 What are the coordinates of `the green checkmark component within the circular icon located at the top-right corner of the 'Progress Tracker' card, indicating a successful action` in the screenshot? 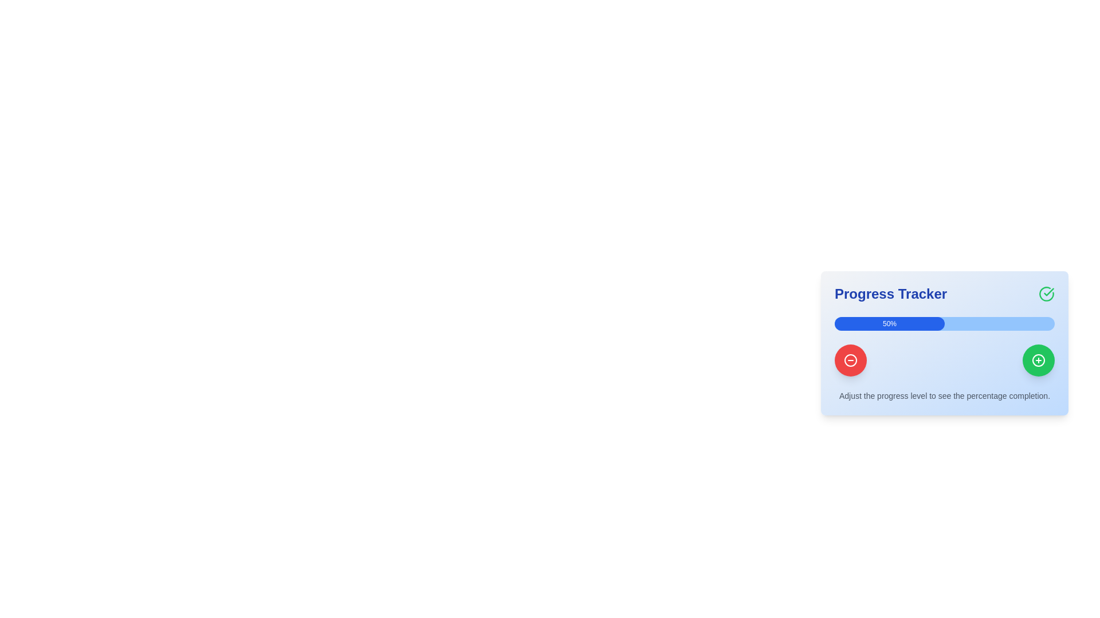 It's located at (1049, 291).